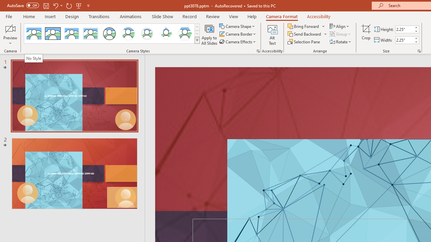  Describe the element at coordinates (53, 34) in the screenshot. I see `'Simple Frame Rectangle'` at that location.